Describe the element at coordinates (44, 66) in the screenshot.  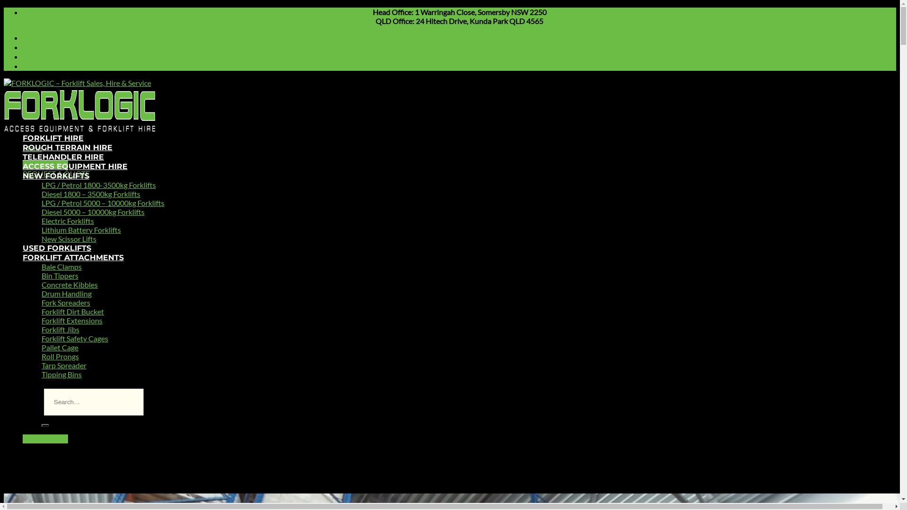
I see `'Contact Us'` at that location.